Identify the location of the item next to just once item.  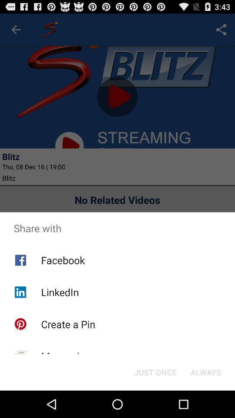
(73, 385).